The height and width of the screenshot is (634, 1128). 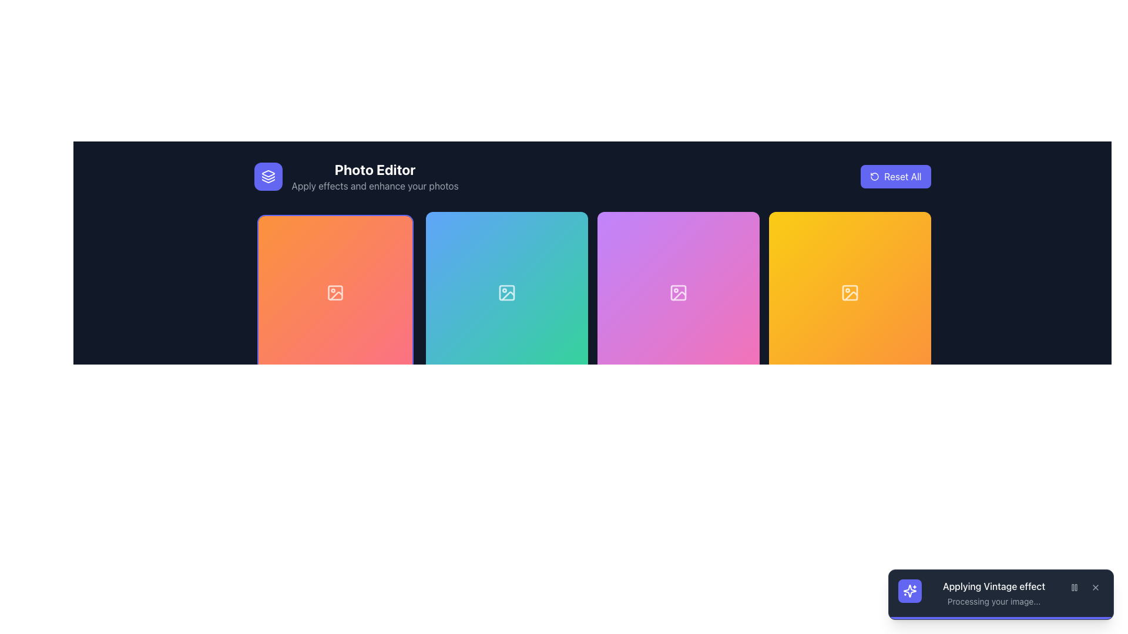 I want to click on the SVG rectangle with rounded corners that serves as a visual placeholder component within the image icon, located in the fourth column of a grid of colorful boxes, so click(x=850, y=292).